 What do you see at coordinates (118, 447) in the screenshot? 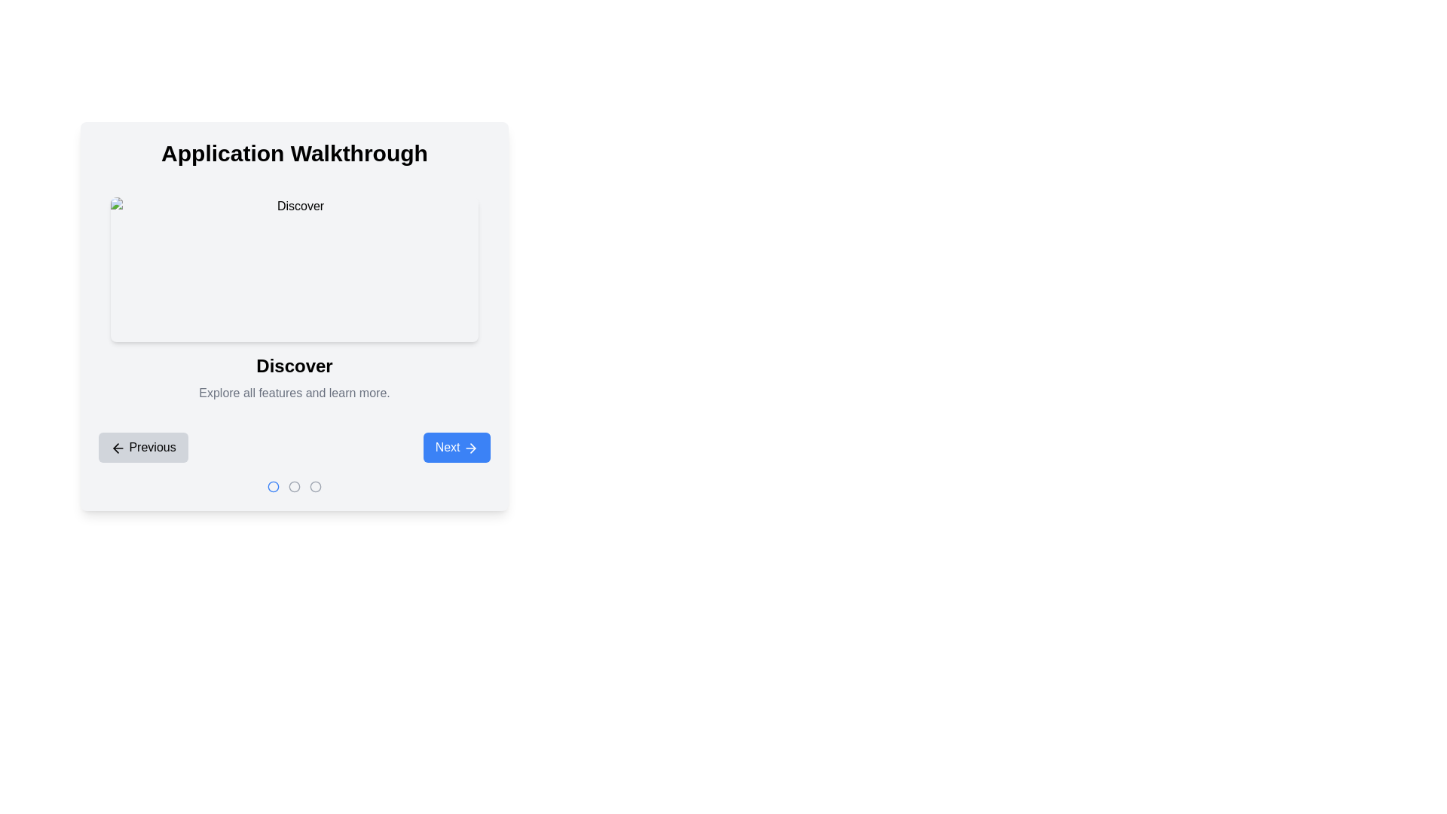
I see `the SVG-based icon representing the 'Previous' action located at the bottom-left corner of the interface` at bounding box center [118, 447].